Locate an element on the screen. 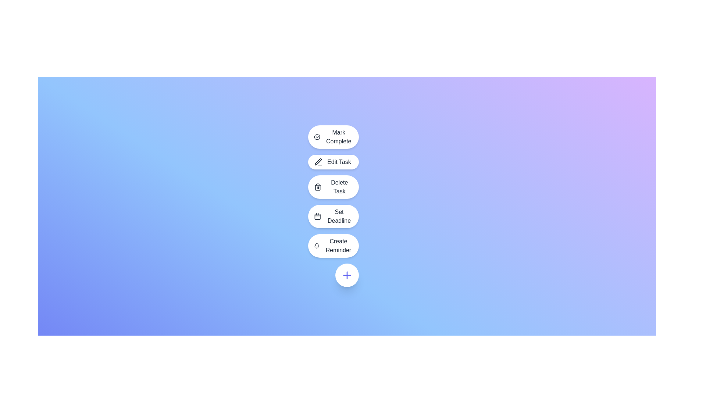 The image size is (706, 397). the 'Create Reminder' button, which is the fifth option in the vertical menu is located at coordinates (338, 246).